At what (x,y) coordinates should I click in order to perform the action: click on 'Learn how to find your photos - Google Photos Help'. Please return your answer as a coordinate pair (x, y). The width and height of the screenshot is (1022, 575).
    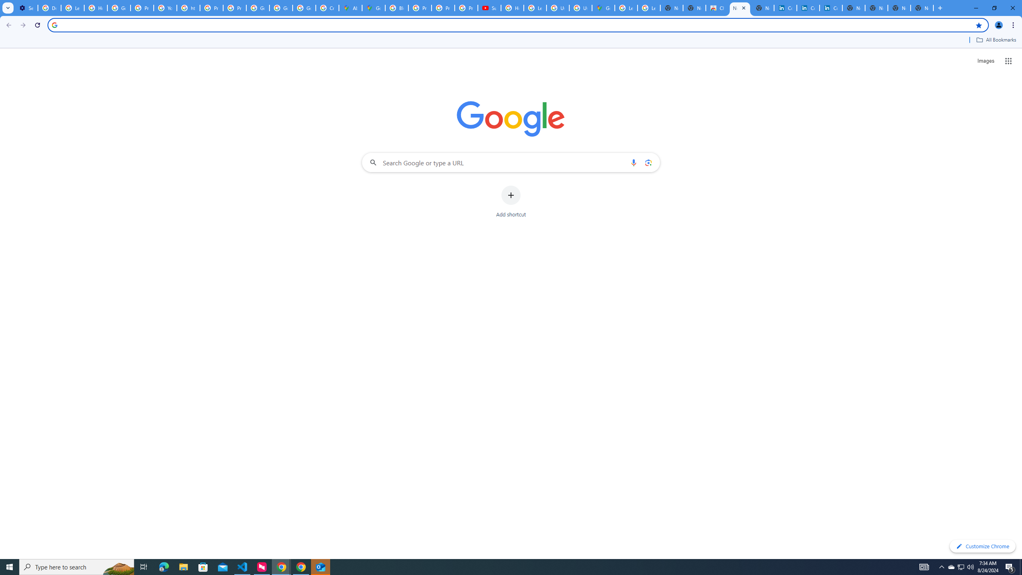
    Looking at the image, I should click on (72, 8).